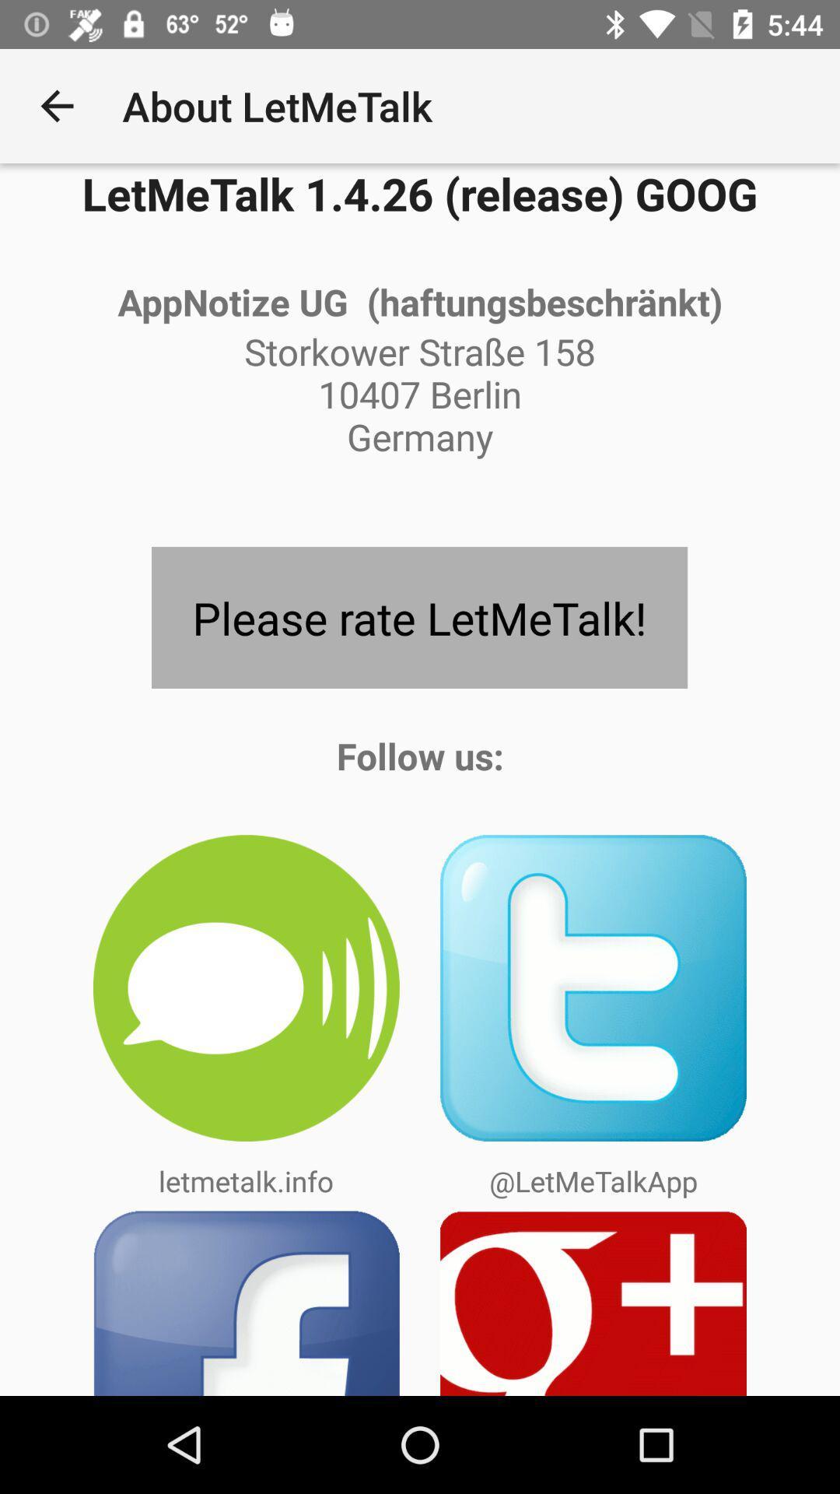  Describe the element at coordinates (593, 1303) in the screenshot. I see `follow letmetalk on google+` at that location.